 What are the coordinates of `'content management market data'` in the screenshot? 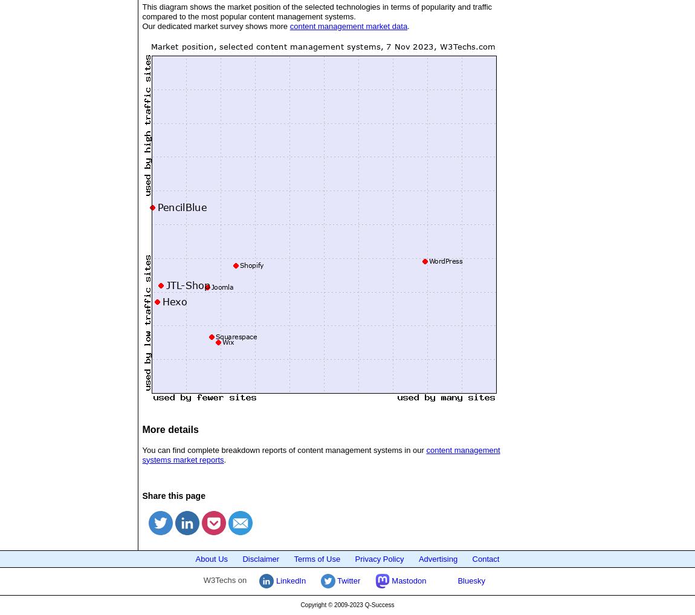 It's located at (347, 25).